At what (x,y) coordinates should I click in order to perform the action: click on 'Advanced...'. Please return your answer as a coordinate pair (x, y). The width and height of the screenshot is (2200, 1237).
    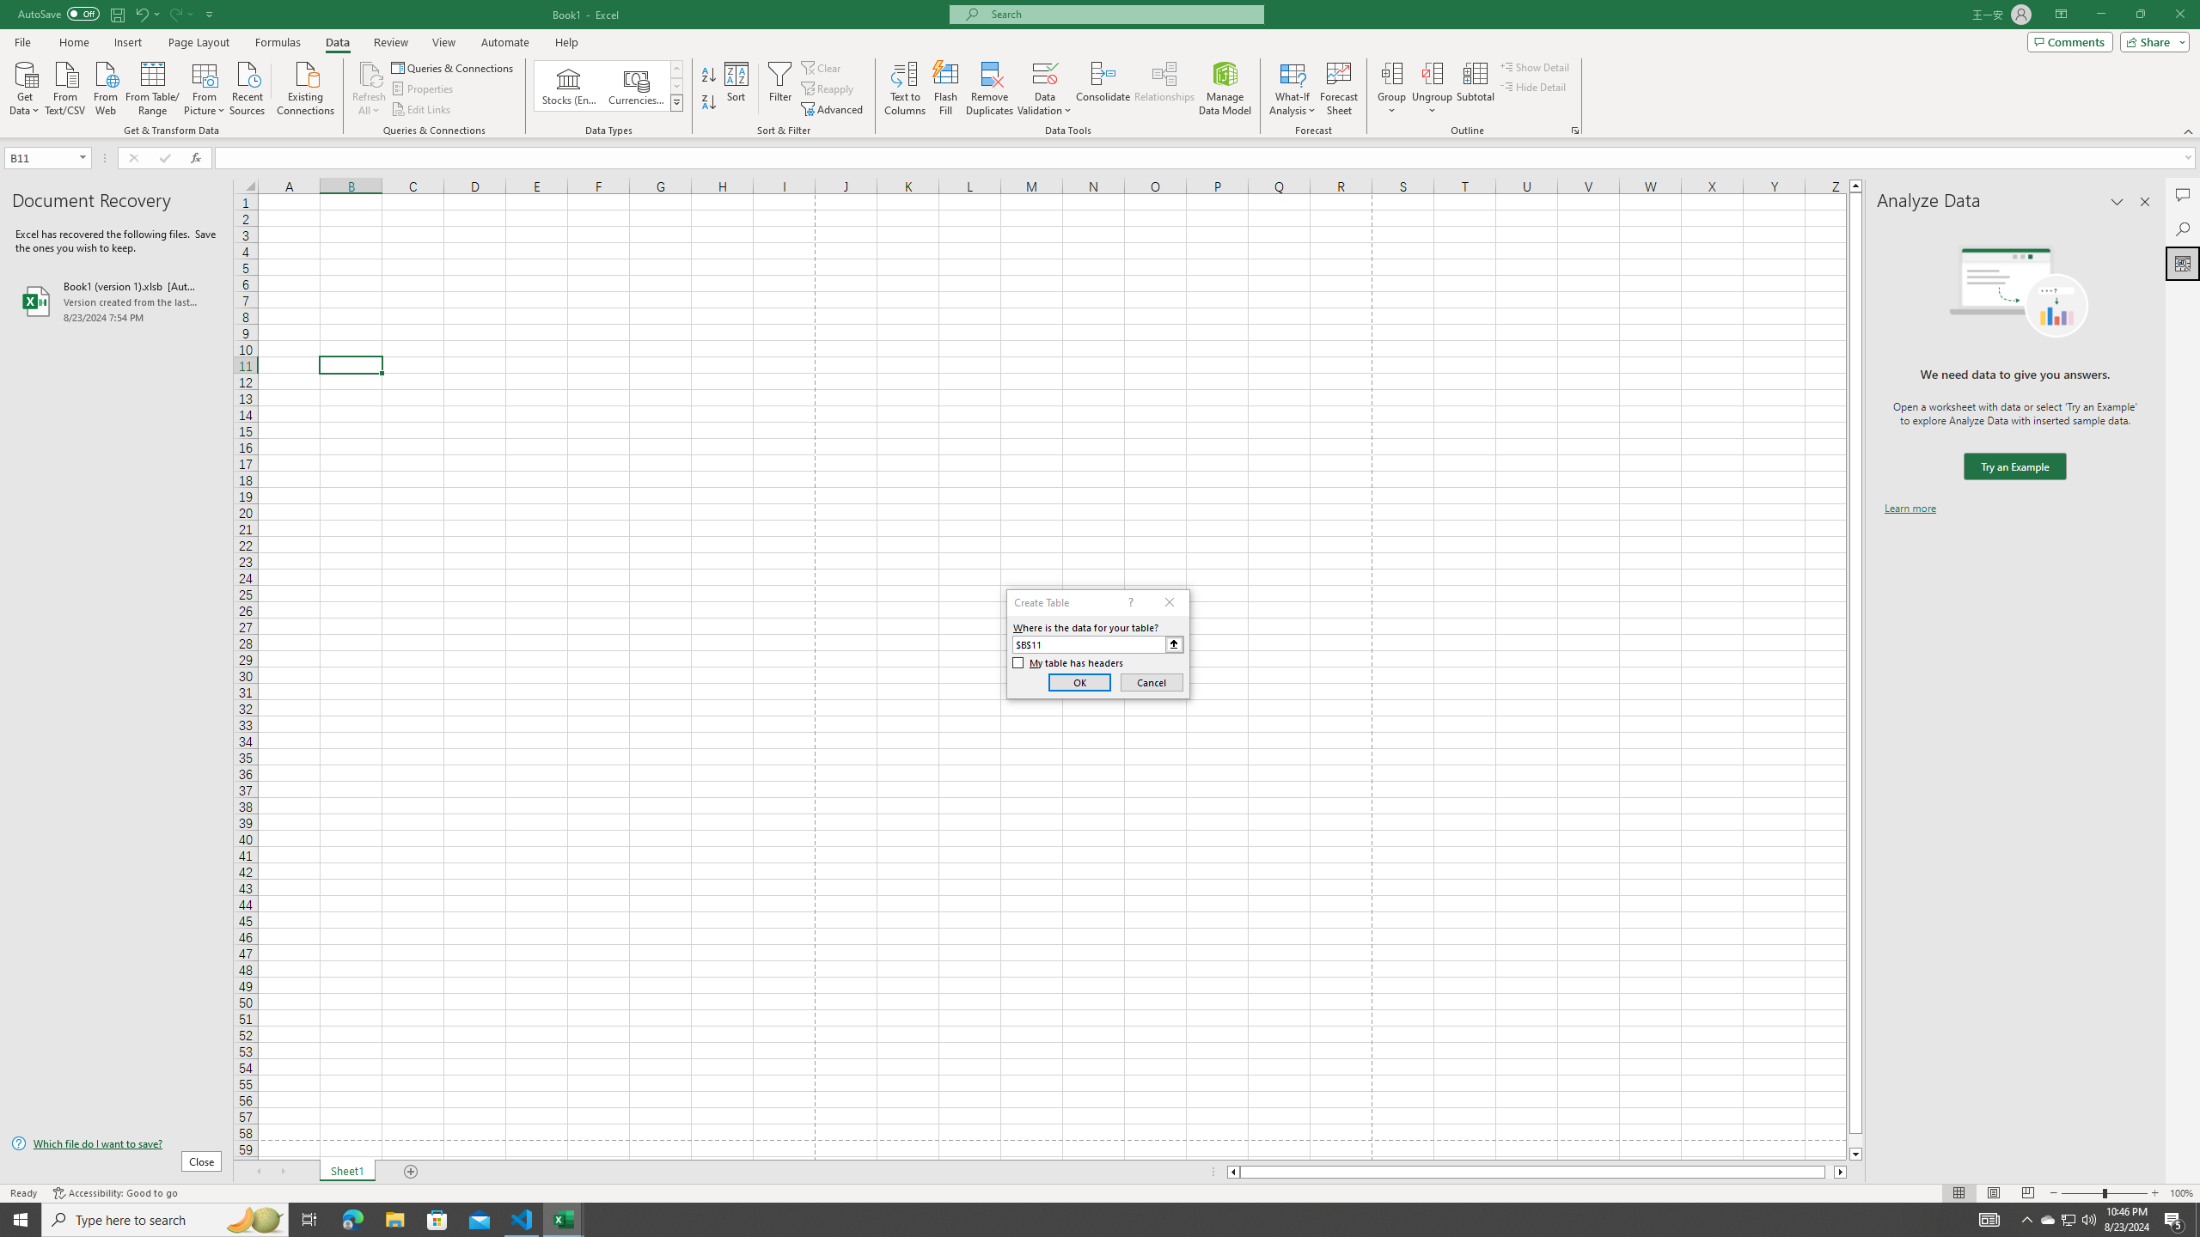
    Looking at the image, I should click on (834, 109).